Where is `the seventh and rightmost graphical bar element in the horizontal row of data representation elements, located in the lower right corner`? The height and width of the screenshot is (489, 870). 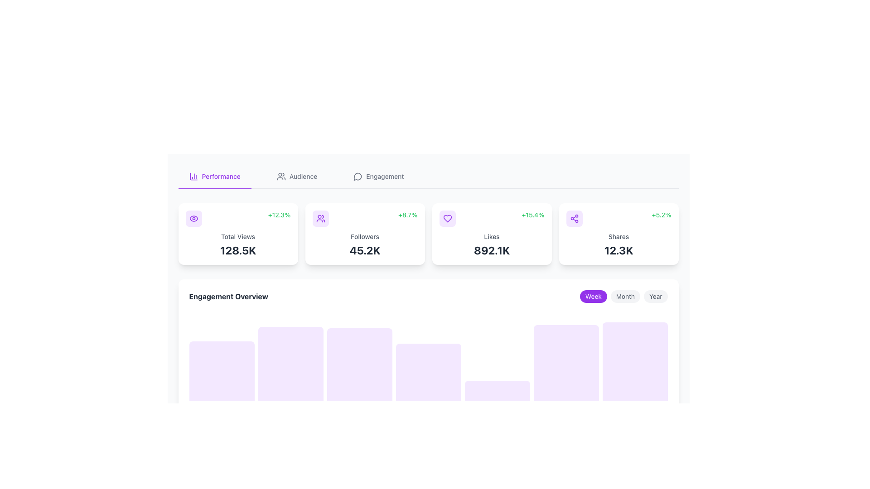
the seventh and rightmost graphical bar element in the horizontal row of data representation elements, located in the lower right corner is located at coordinates (634, 361).